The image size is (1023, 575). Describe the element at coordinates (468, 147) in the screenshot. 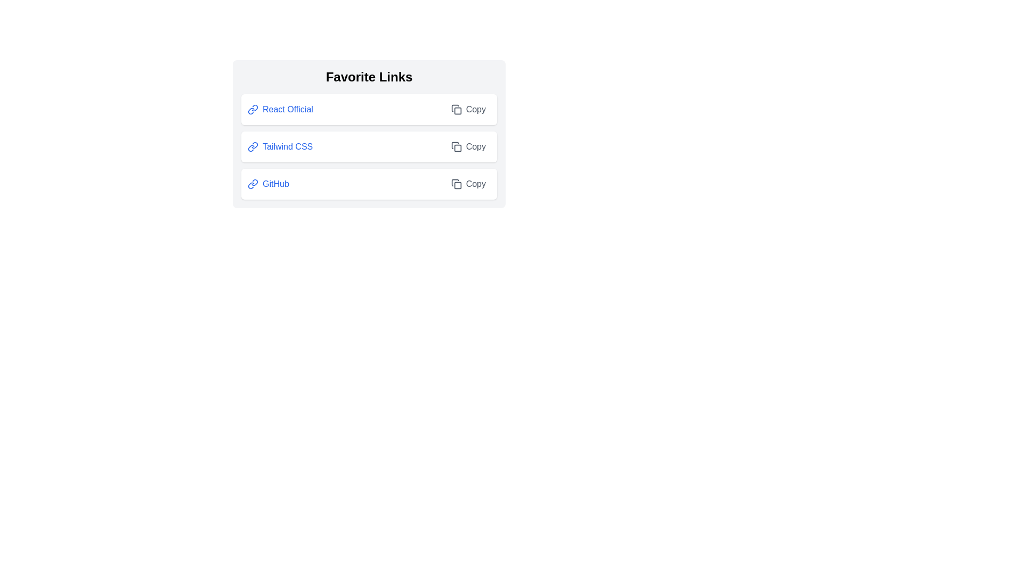

I see `the button that allows users to copy a related link associated with 'Tailwind CSS', positioned to the right of the text in the second row of 'Favorite Links'` at that location.